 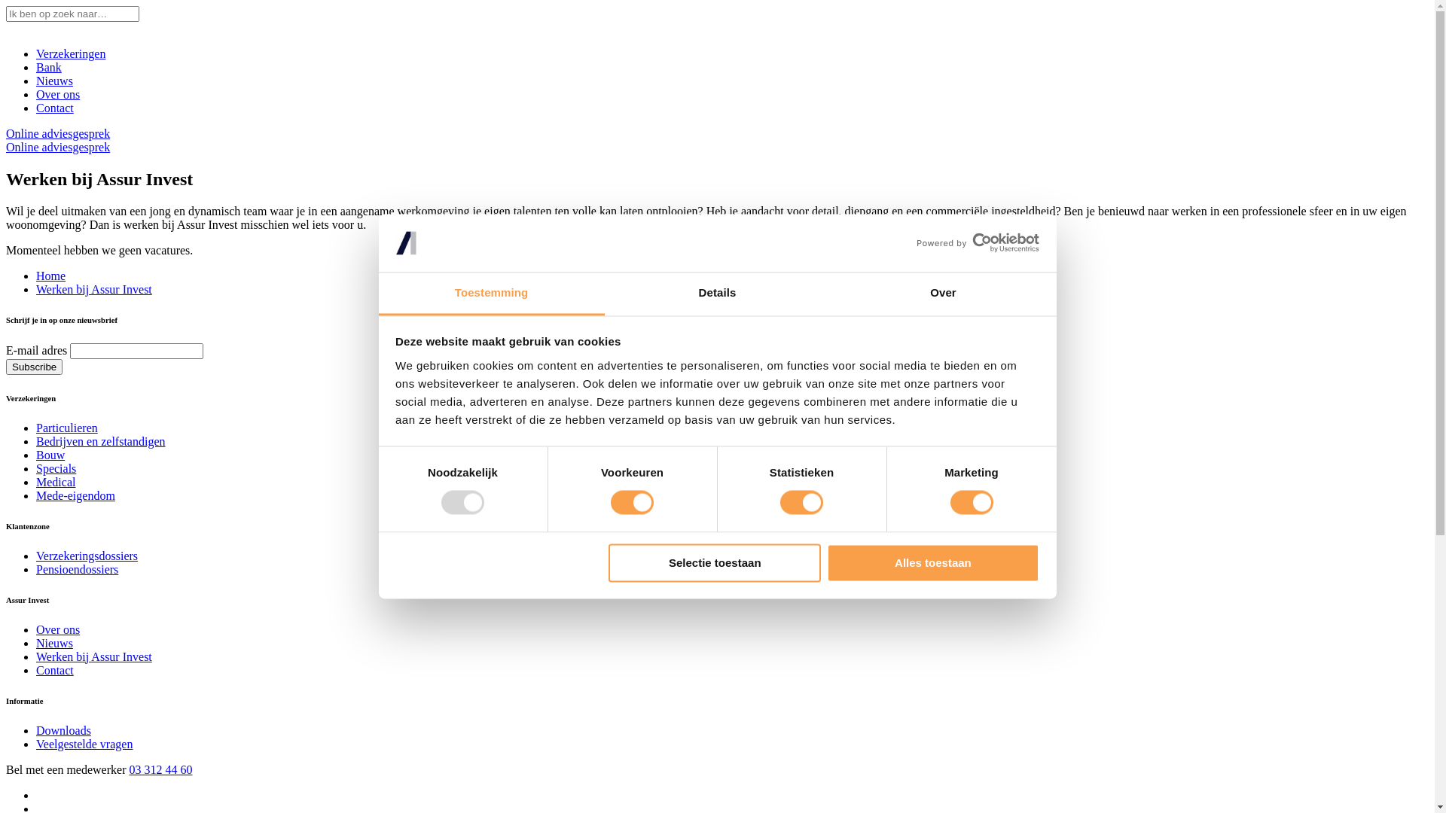 I want to click on 'Pensioendossiers', so click(x=36, y=569).